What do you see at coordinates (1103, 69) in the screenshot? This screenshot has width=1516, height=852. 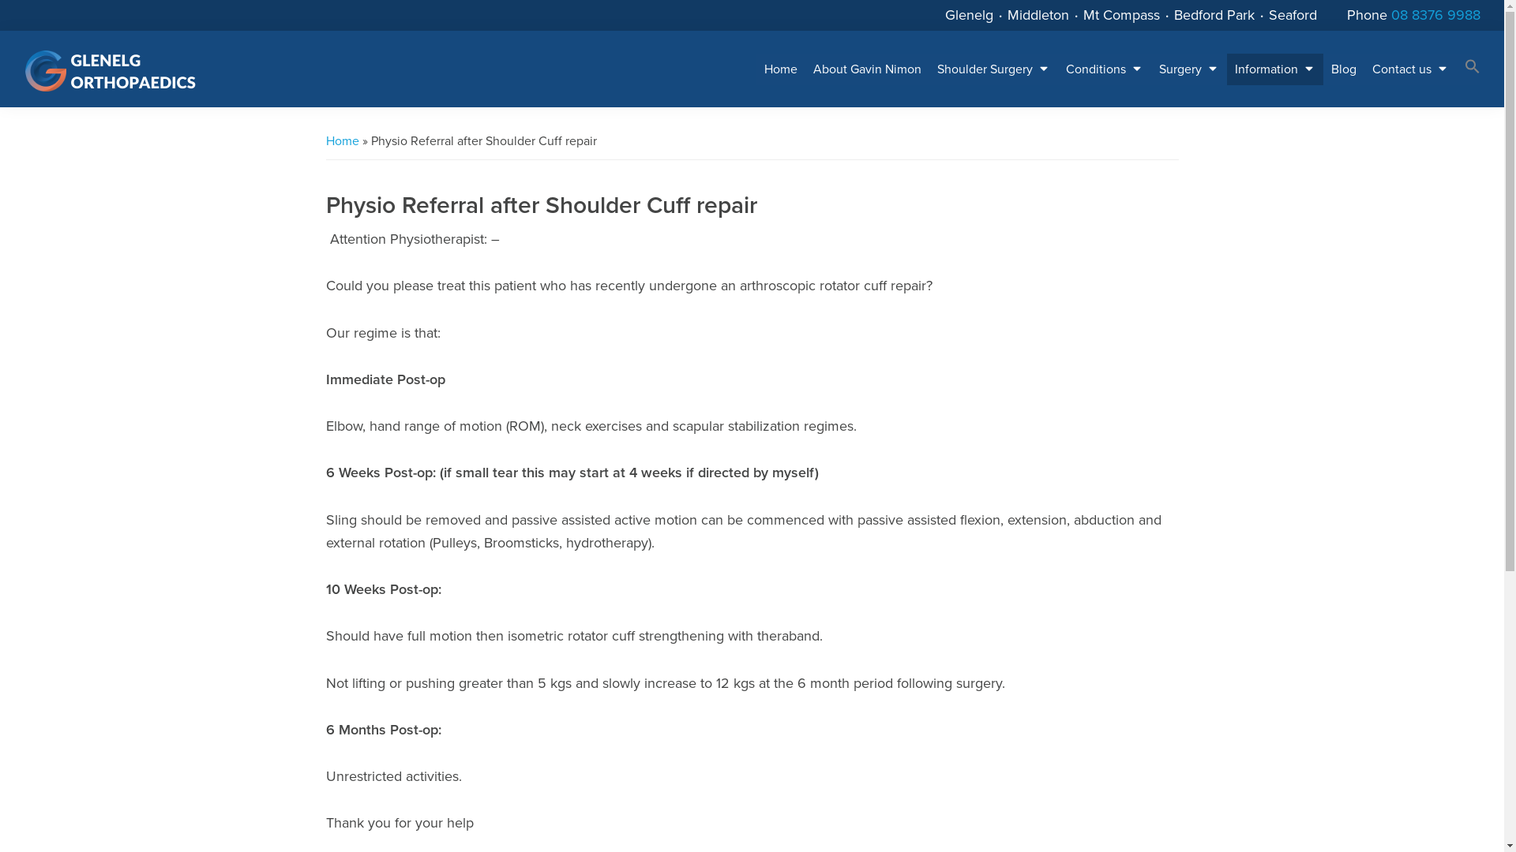 I see `'Conditions'` at bounding box center [1103, 69].